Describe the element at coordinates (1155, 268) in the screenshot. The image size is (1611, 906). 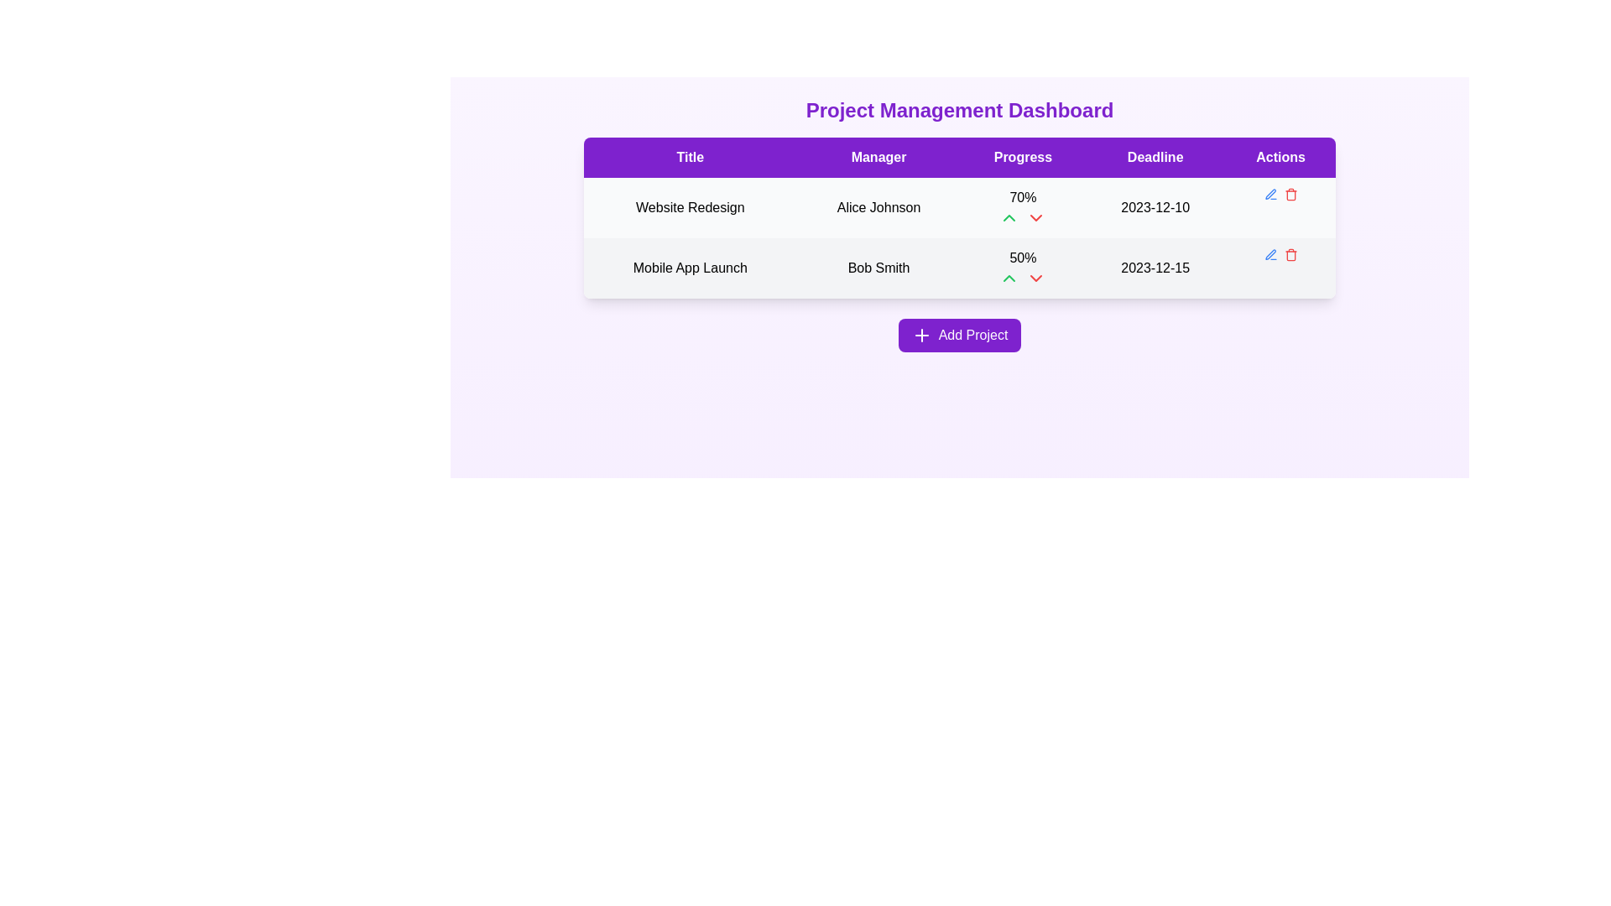
I see `the deadline date text display for the 'Mobile App Launch' project, located in the second row and fourth column of the table` at that location.